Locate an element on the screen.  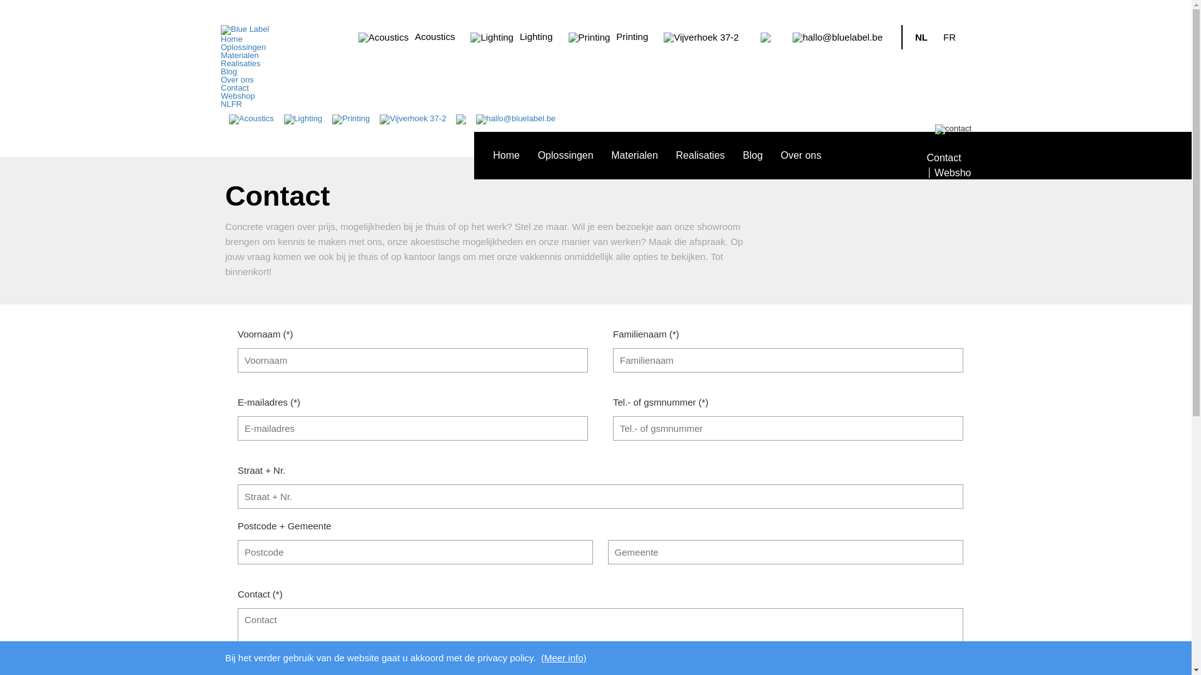
'Over ons' is located at coordinates (221, 79).